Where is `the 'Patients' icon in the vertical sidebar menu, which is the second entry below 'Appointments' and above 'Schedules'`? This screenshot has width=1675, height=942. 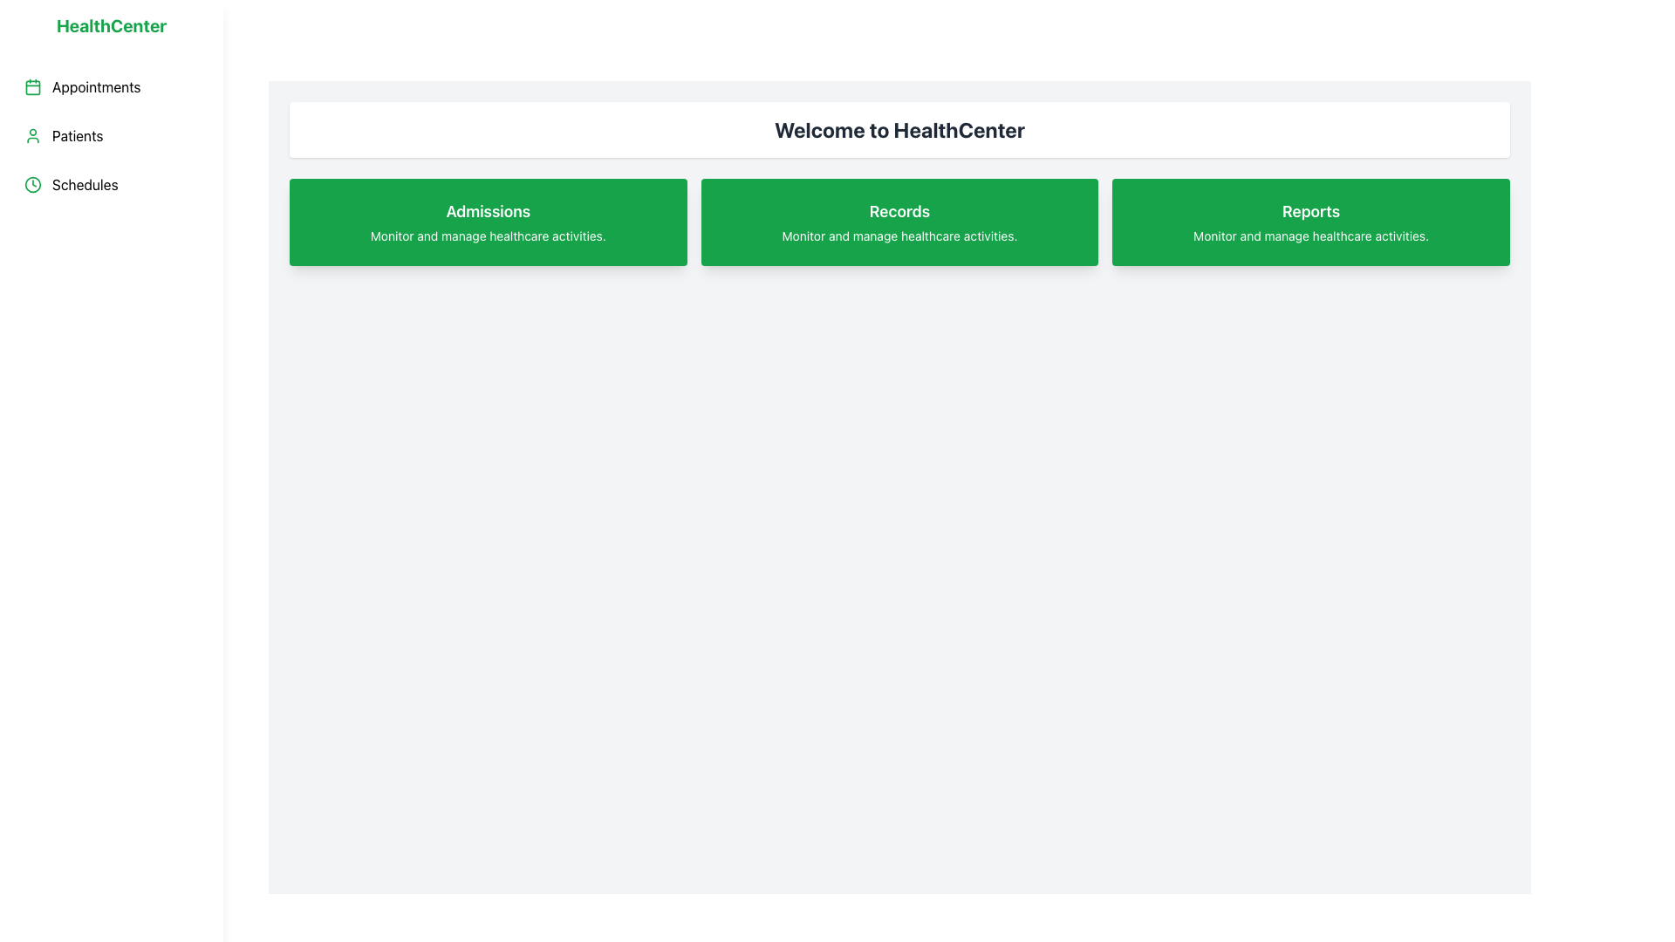
the 'Patients' icon in the vertical sidebar menu, which is the second entry below 'Appointments' and above 'Schedules' is located at coordinates (33, 134).